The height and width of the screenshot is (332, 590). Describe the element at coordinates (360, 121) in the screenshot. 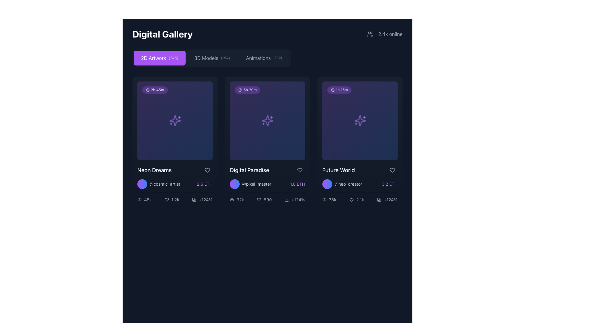

I see `the sparkle icon located in the third card labeled 'Future World'` at that location.